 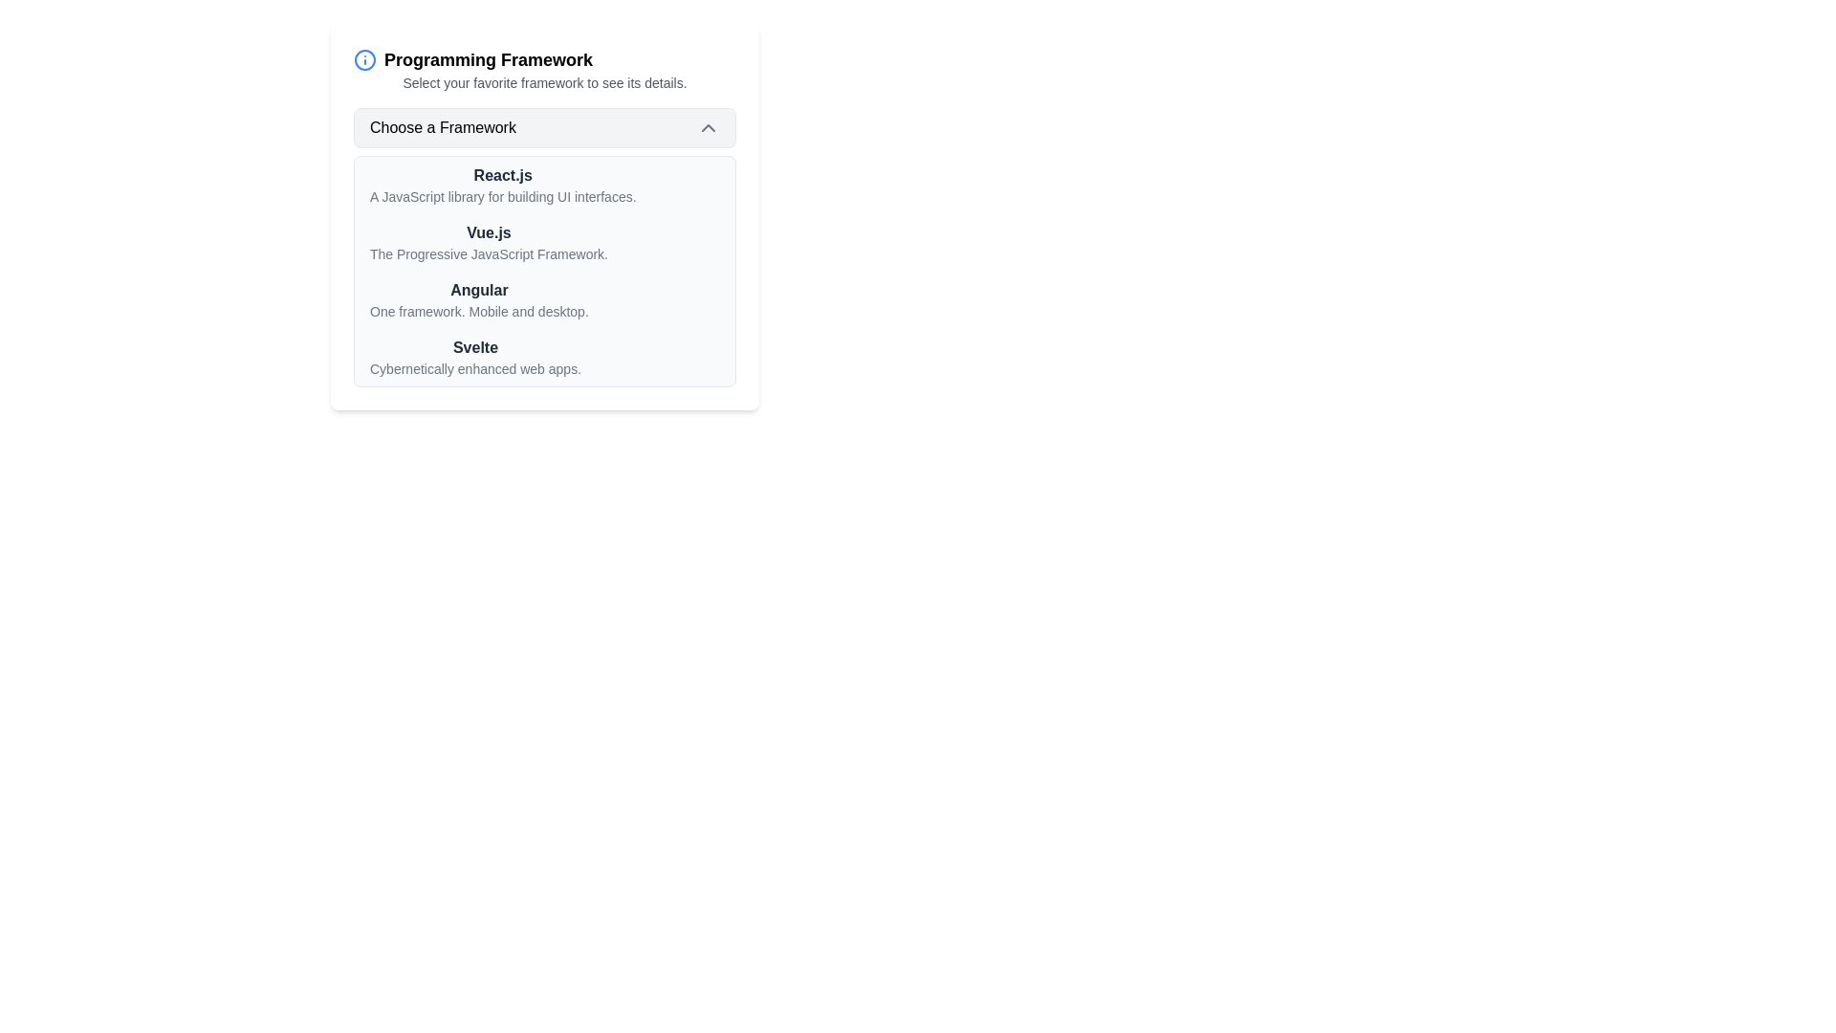 I want to click on the state of the chevron icon located to the right of the 'Choose a Framework' section to determine if it indicates an expandable or collapsible action, so click(x=707, y=128).